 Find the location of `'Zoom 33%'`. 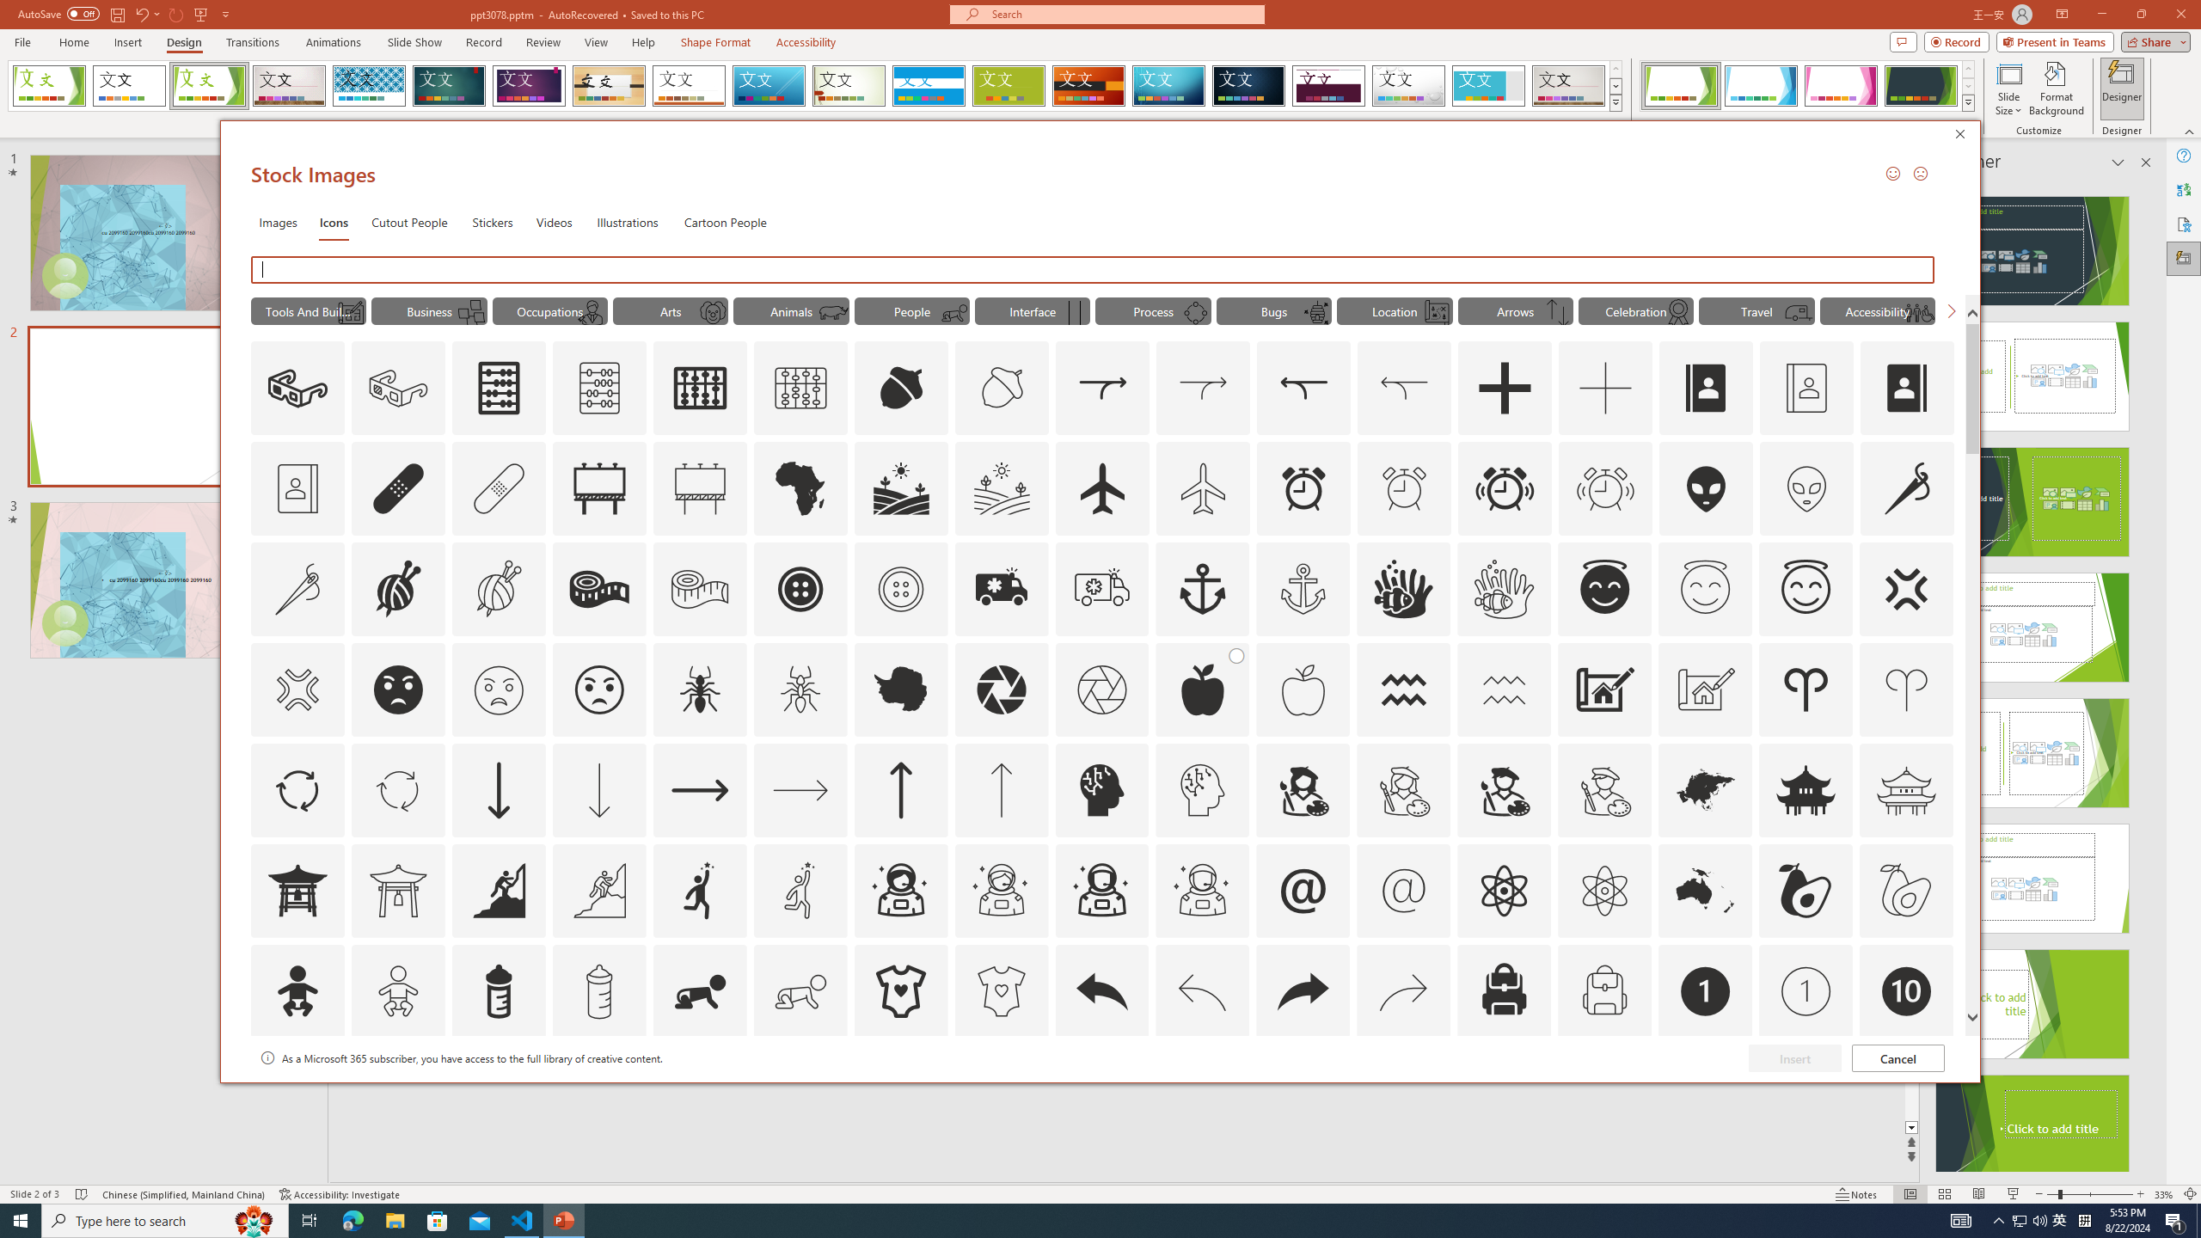

'Zoom 33%' is located at coordinates (2163, 1194).